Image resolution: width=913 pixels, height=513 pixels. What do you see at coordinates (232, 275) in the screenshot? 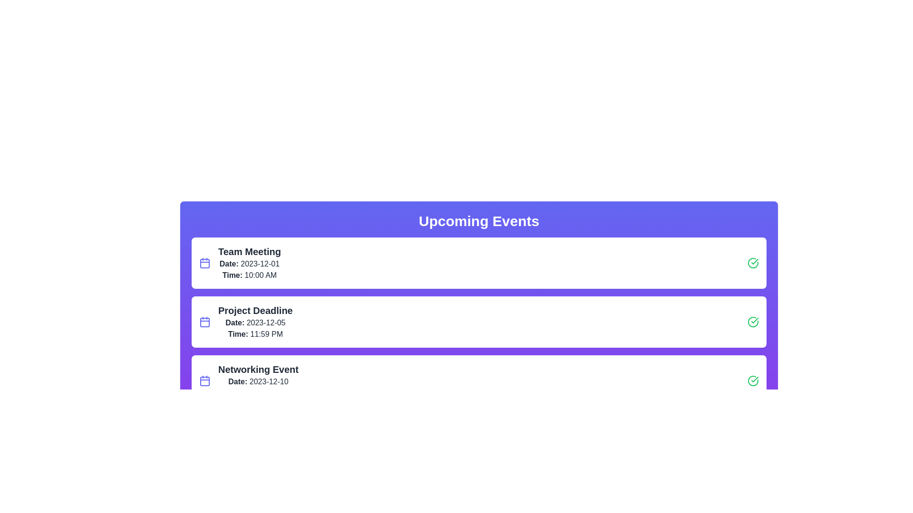
I see `the text label 'Time:' which is styled in bold black font, located to the left of the time value '10:00 AM' in the 'Team Meeting' event card` at bounding box center [232, 275].